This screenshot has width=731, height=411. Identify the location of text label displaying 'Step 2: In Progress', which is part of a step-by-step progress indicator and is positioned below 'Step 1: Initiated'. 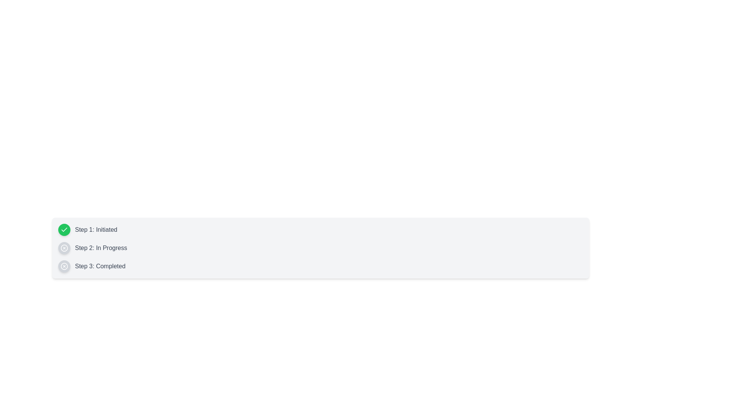
(101, 248).